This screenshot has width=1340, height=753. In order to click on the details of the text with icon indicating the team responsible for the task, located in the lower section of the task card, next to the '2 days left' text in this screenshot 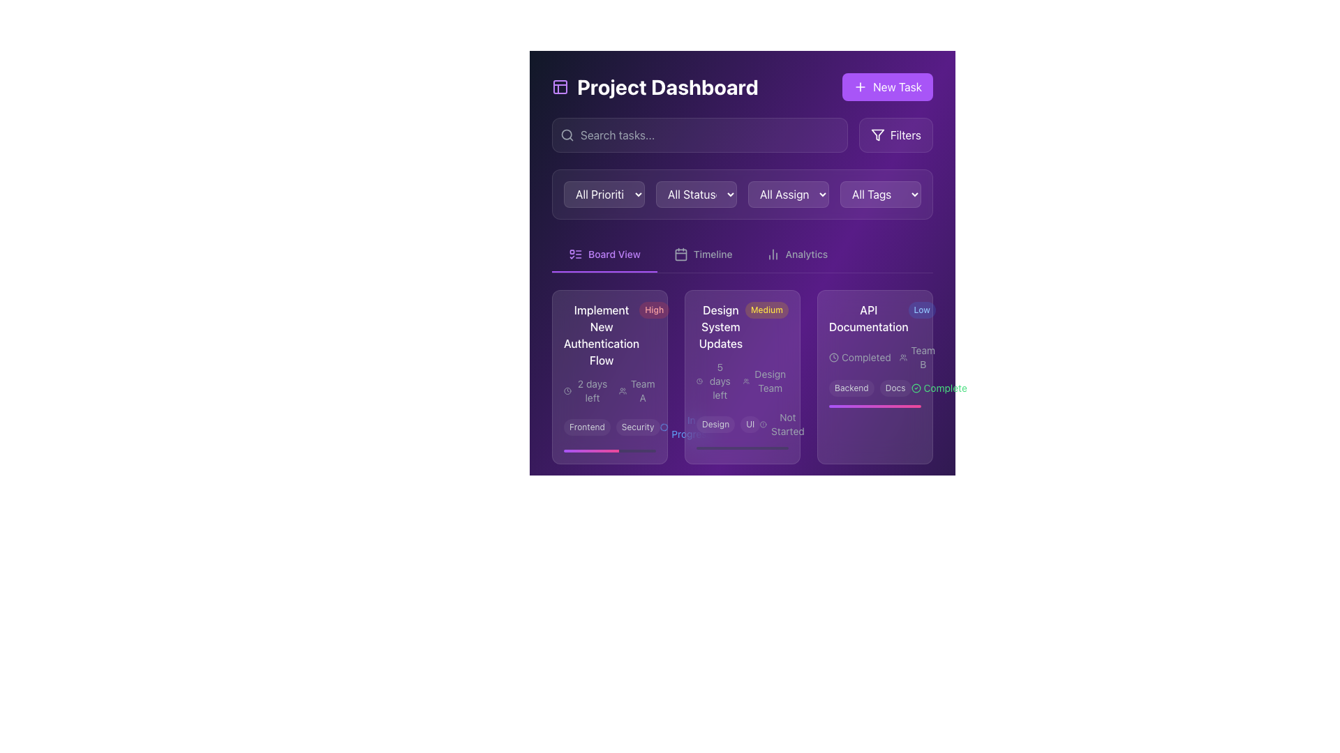, I will do `click(636, 390)`.